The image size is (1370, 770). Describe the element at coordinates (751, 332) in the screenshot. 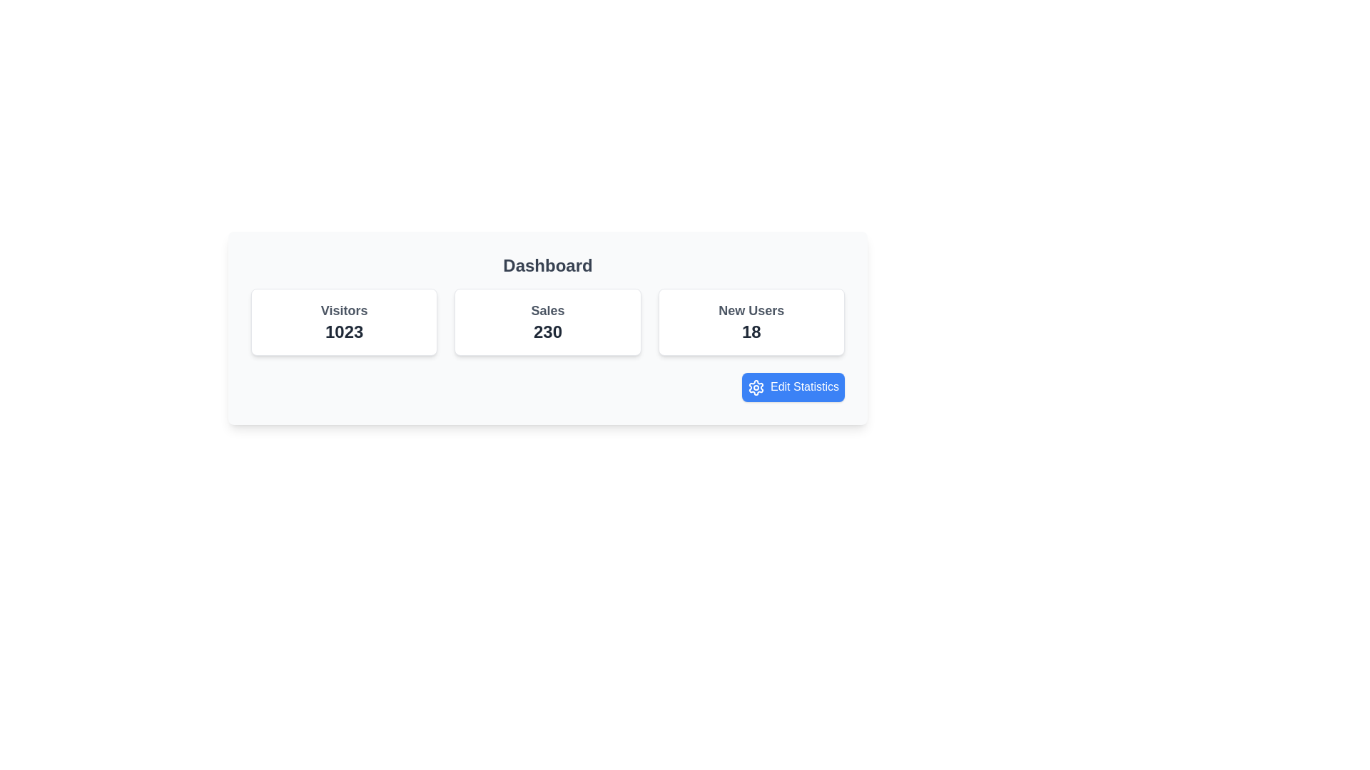

I see `the static text displaying '18' located within the 'New Users' card, positioned in the bottom-right portion of the card layout` at that location.